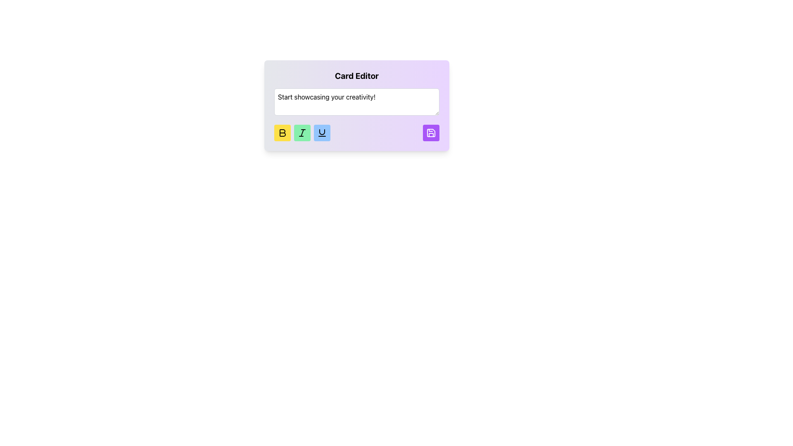 Image resolution: width=793 pixels, height=446 pixels. What do you see at coordinates (430, 132) in the screenshot?
I see `top-left component of the save icon located at the bottom-right corner of the card editor panel` at bounding box center [430, 132].